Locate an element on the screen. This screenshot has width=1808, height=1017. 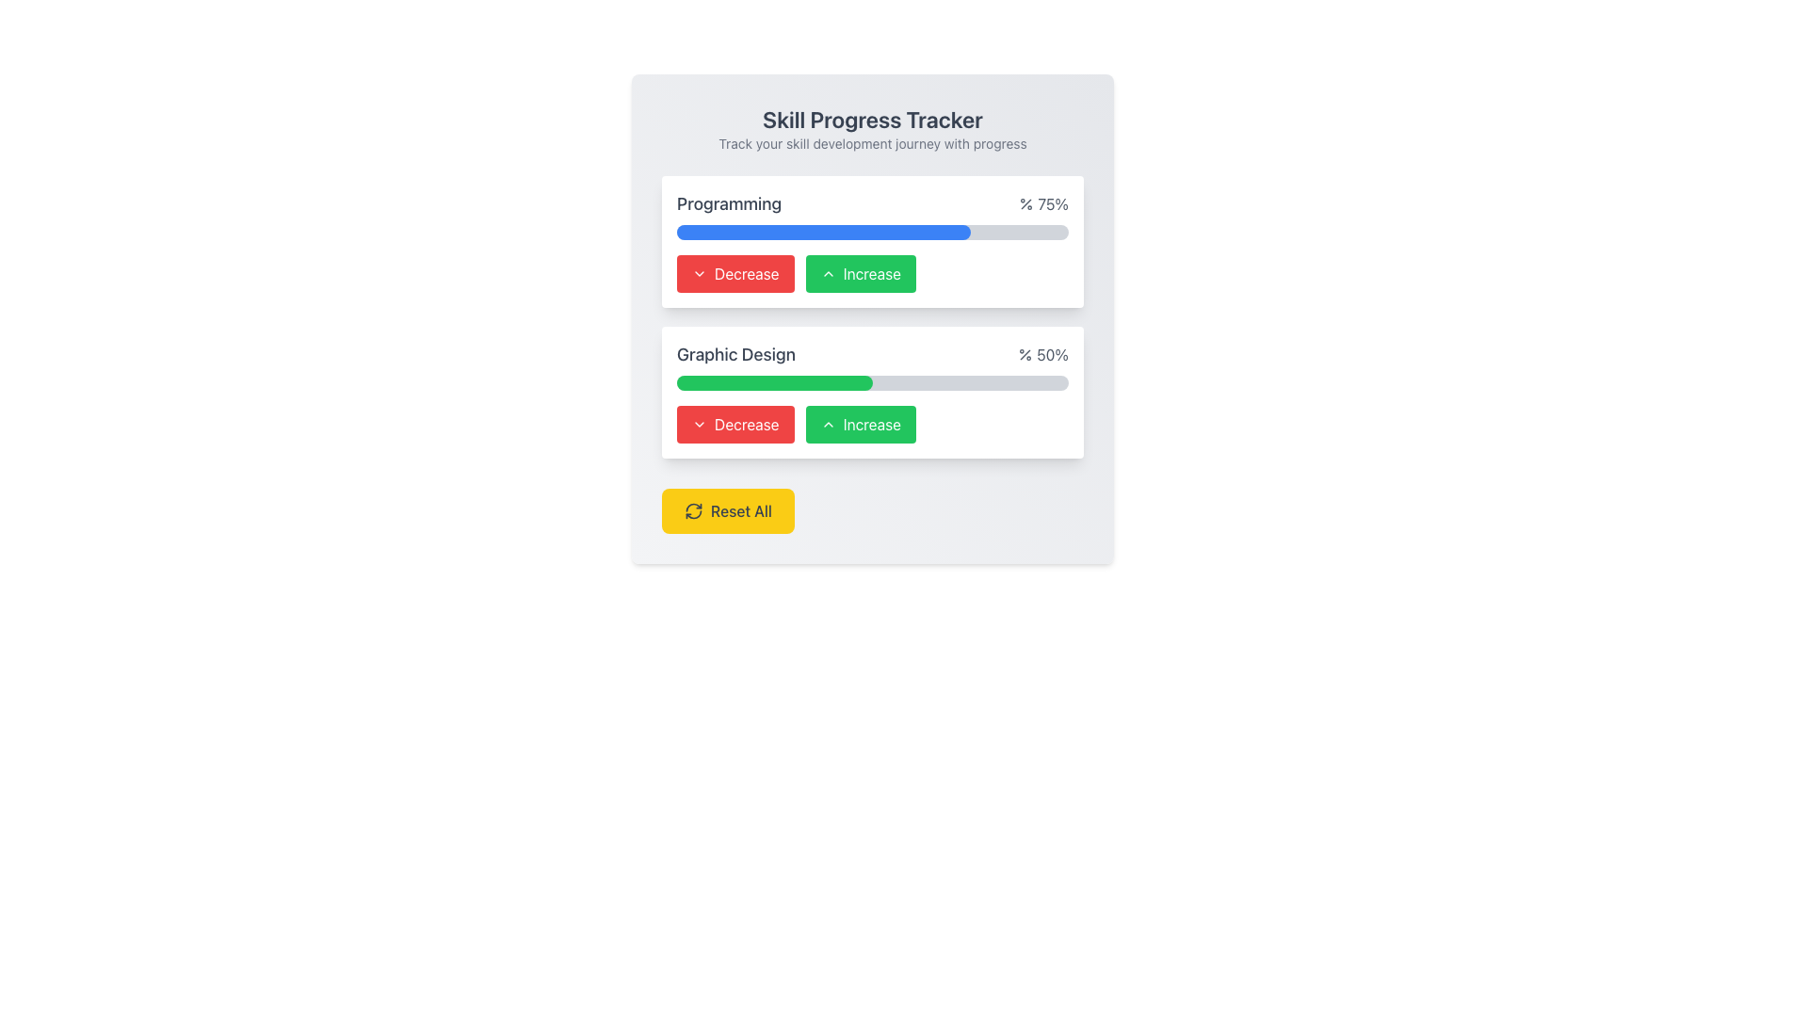
the leftmost button under the 'Programming' label is located at coordinates (734, 425).